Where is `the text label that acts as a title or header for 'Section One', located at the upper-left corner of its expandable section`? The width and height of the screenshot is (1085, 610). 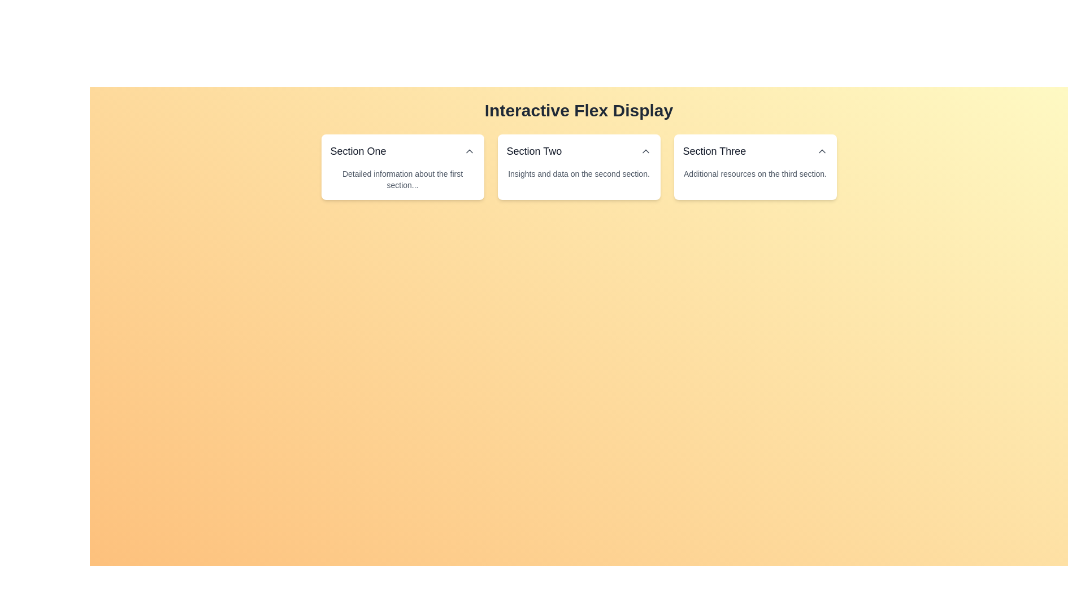 the text label that acts as a title or header for 'Section One', located at the upper-left corner of its expandable section is located at coordinates (357, 150).